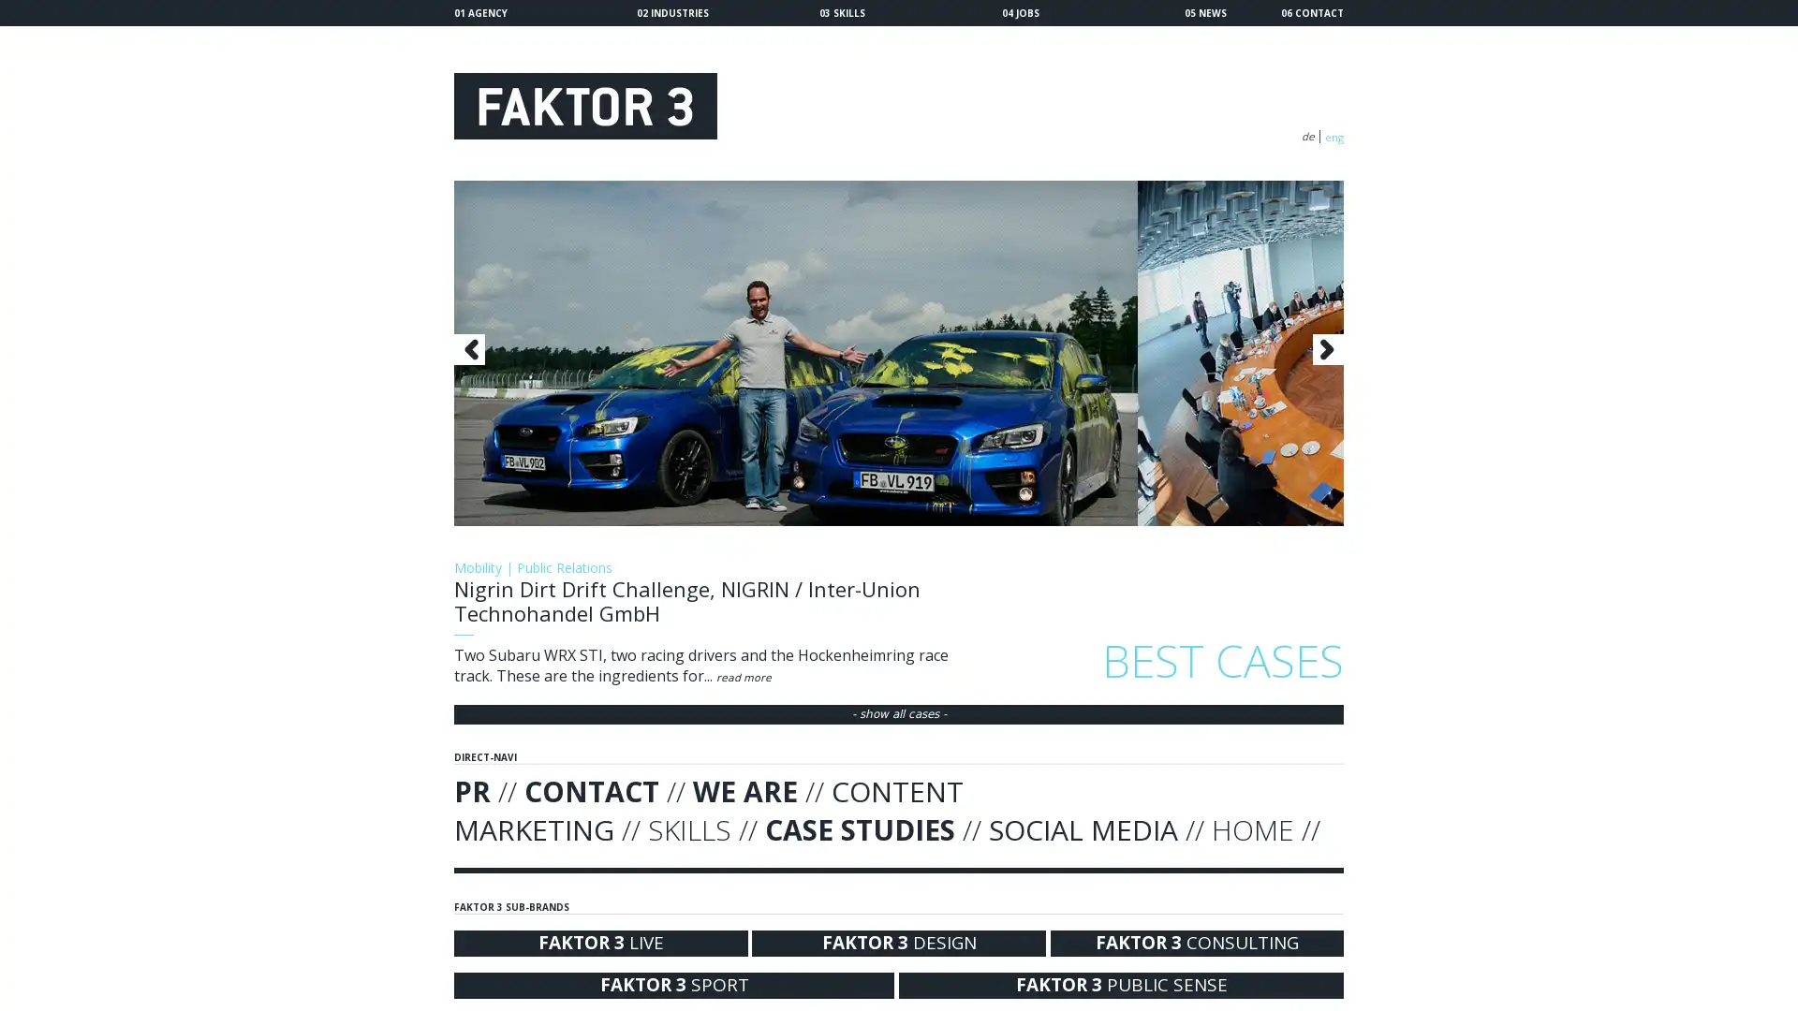 This screenshot has height=1011, width=1798. Describe the element at coordinates (1019, 13) in the screenshot. I see `04 JOBS` at that location.